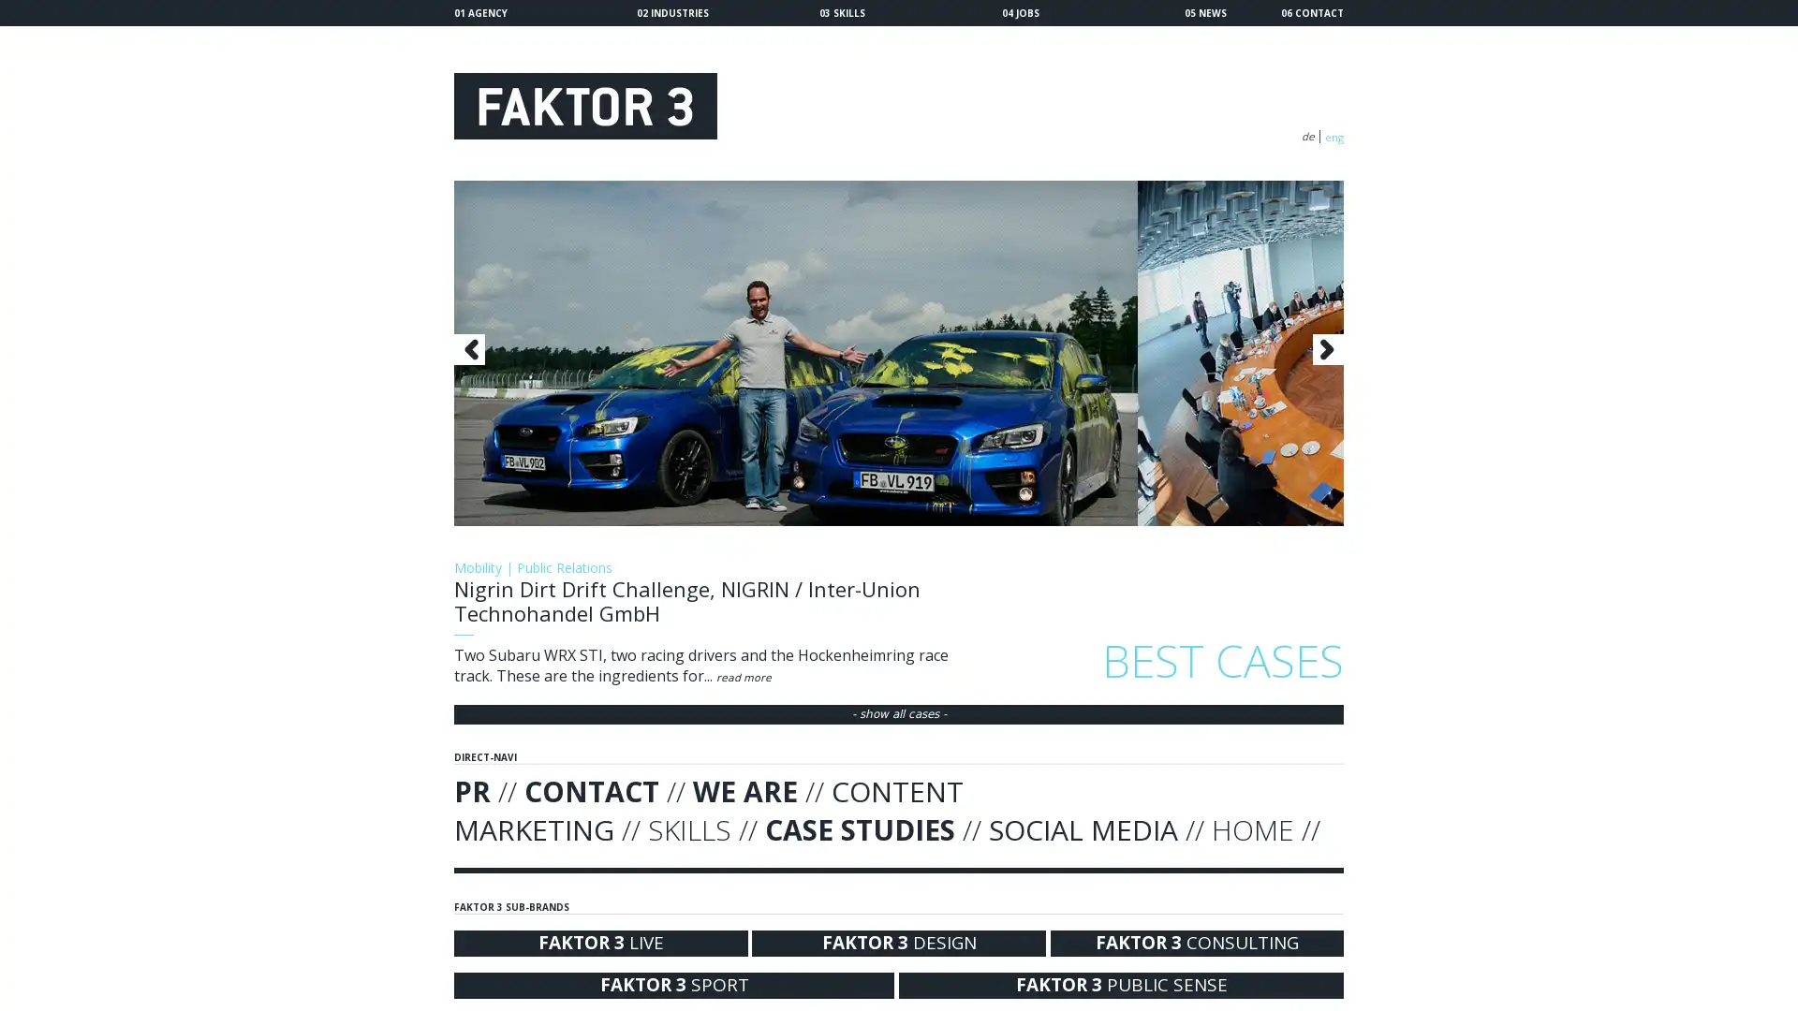 This screenshot has height=1011, width=1798. Describe the element at coordinates (1019, 13) in the screenshot. I see `04 JOBS` at that location.